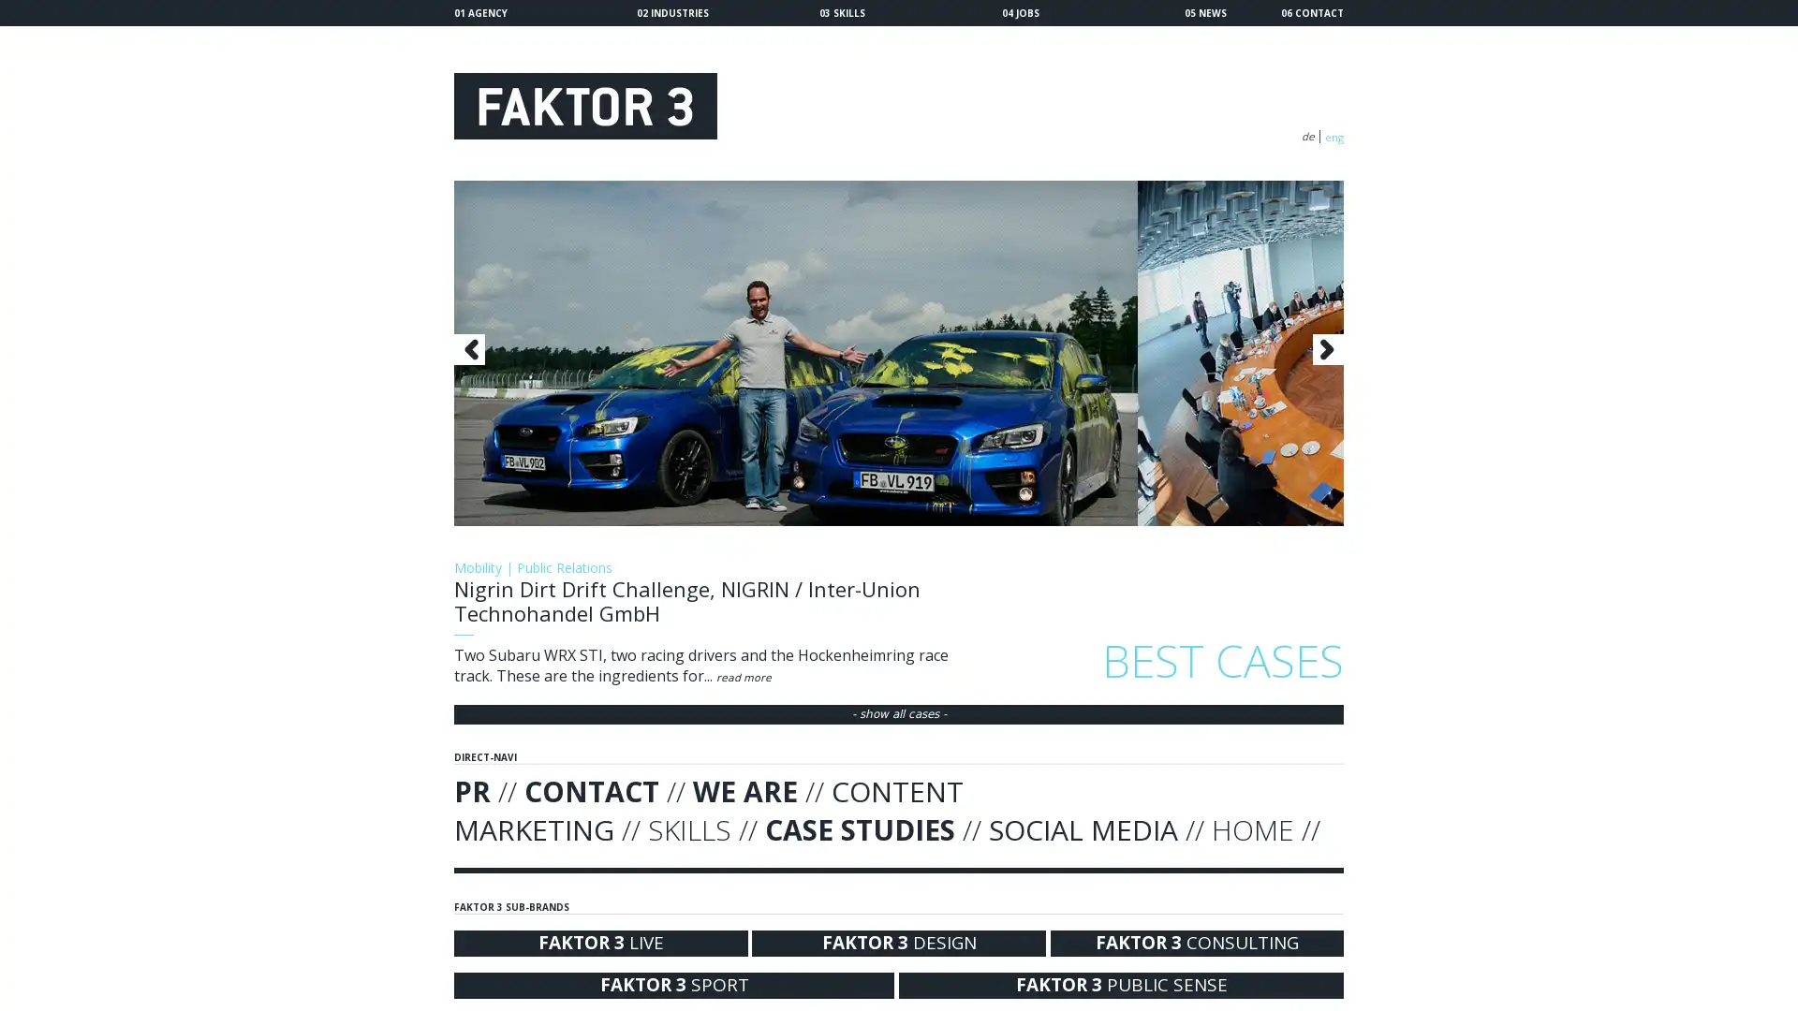 This screenshot has height=1011, width=1798. Describe the element at coordinates (1019, 13) in the screenshot. I see `04 JOBS` at that location.